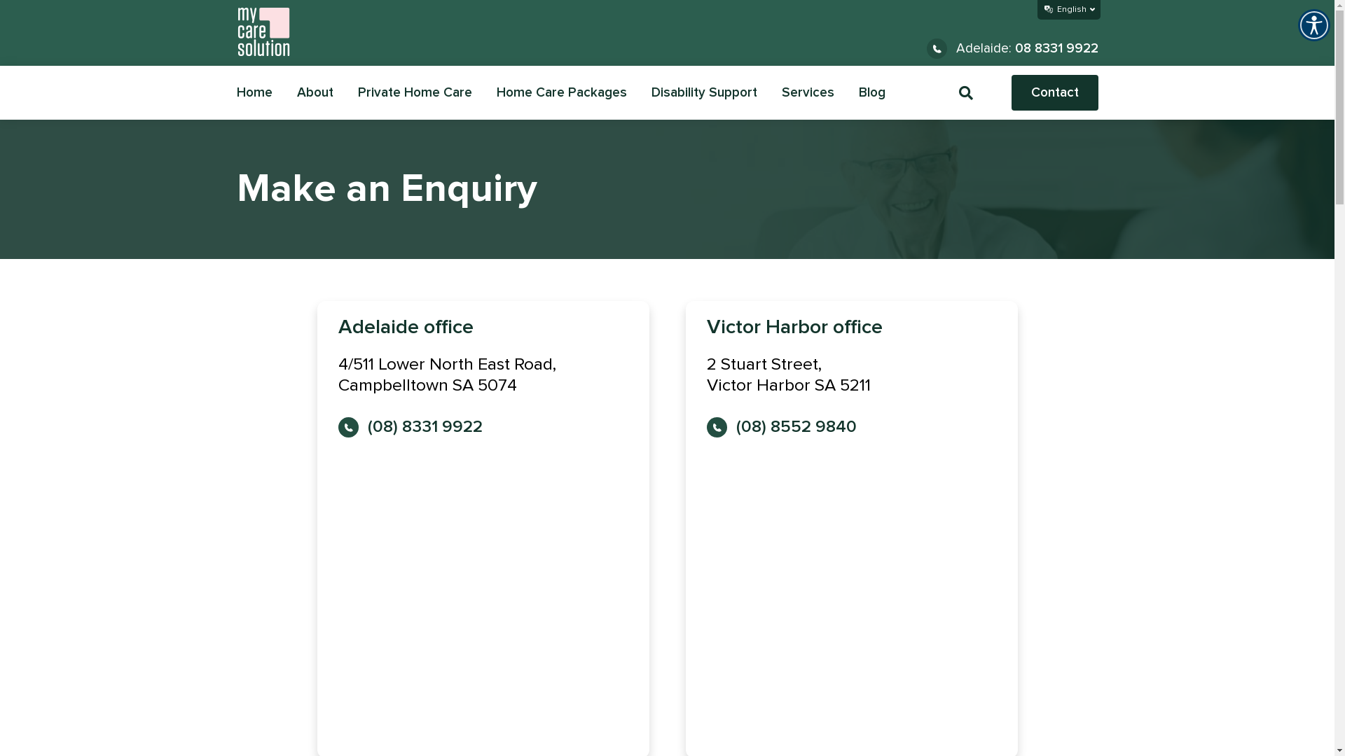 The image size is (1345, 756). Describe the element at coordinates (254, 92) in the screenshot. I see `'Home'` at that location.